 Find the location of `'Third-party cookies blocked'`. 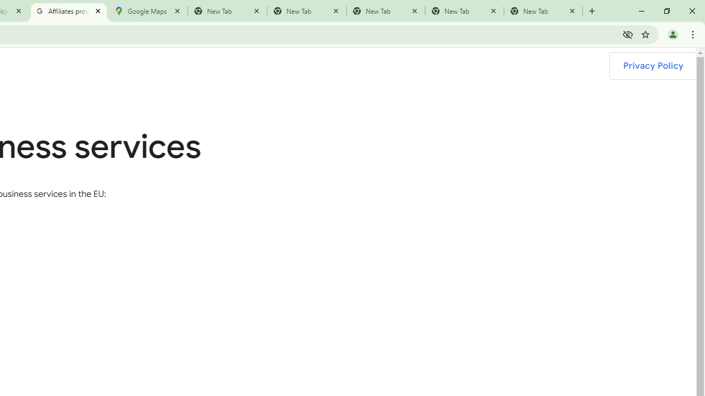

'Third-party cookies blocked' is located at coordinates (627, 34).